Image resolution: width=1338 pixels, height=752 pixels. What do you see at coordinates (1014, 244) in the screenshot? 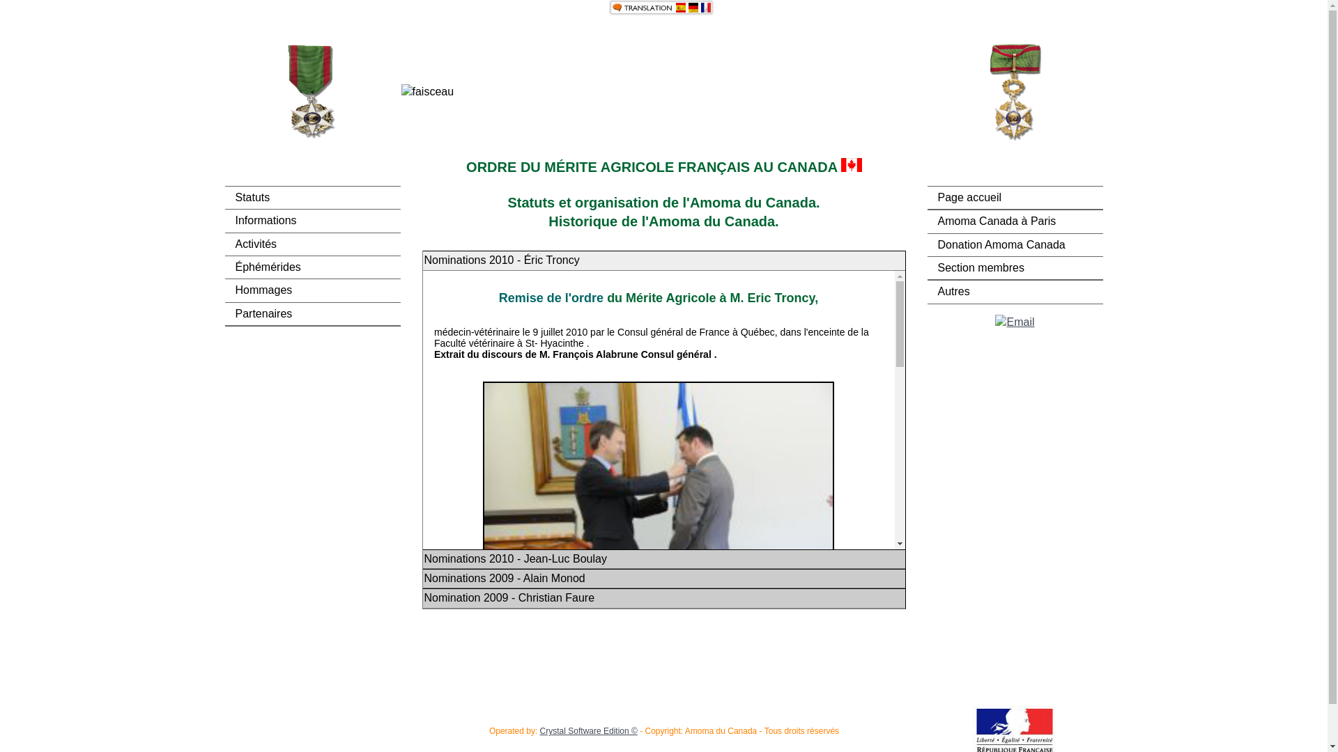
I see `'Donation Amoma Canada'` at bounding box center [1014, 244].